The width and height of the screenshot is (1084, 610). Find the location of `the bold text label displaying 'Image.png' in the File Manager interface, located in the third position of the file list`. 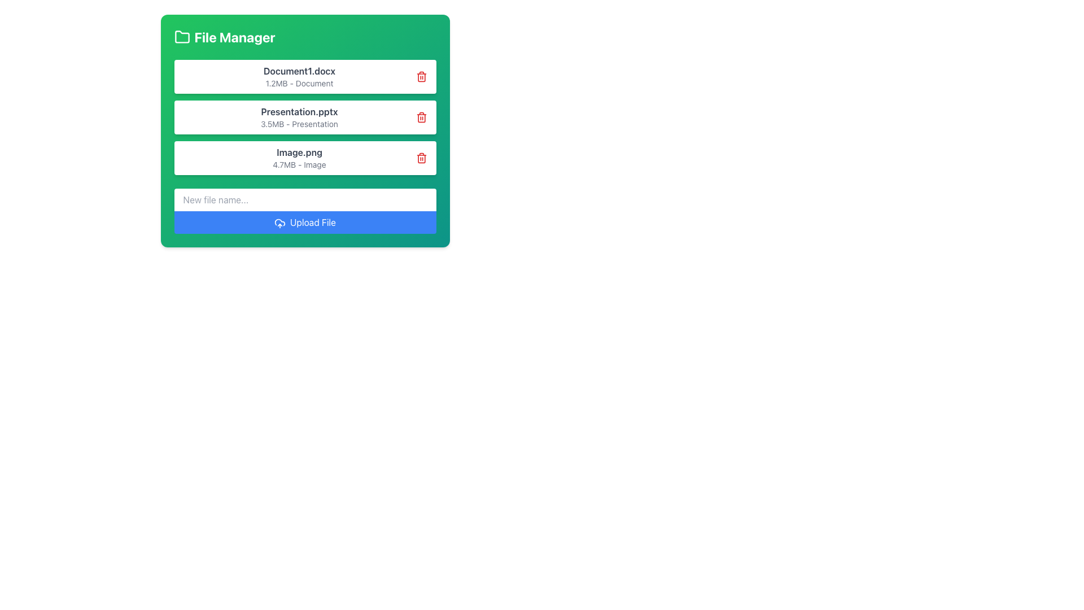

the bold text label displaying 'Image.png' in the File Manager interface, located in the third position of the file list is located at coordinates (299, 152).